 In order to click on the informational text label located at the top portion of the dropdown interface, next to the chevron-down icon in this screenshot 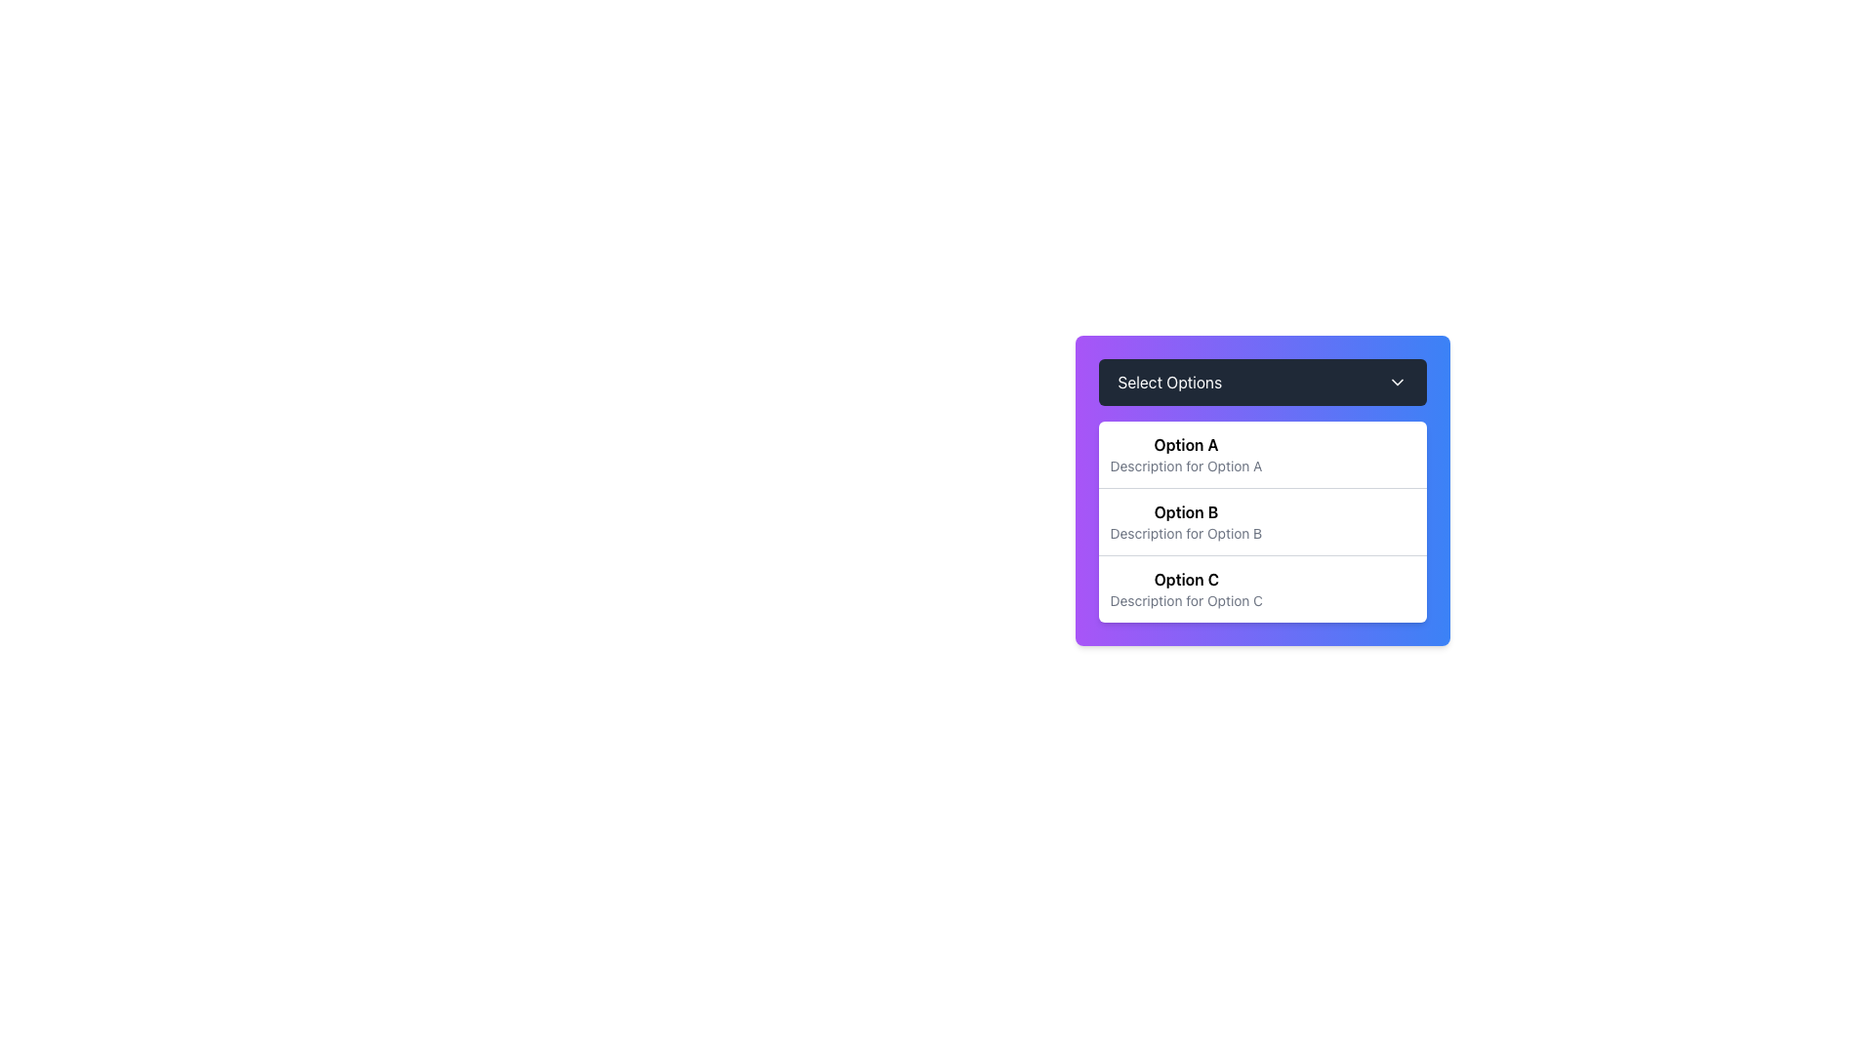, I will do `click(1169, 383)`.